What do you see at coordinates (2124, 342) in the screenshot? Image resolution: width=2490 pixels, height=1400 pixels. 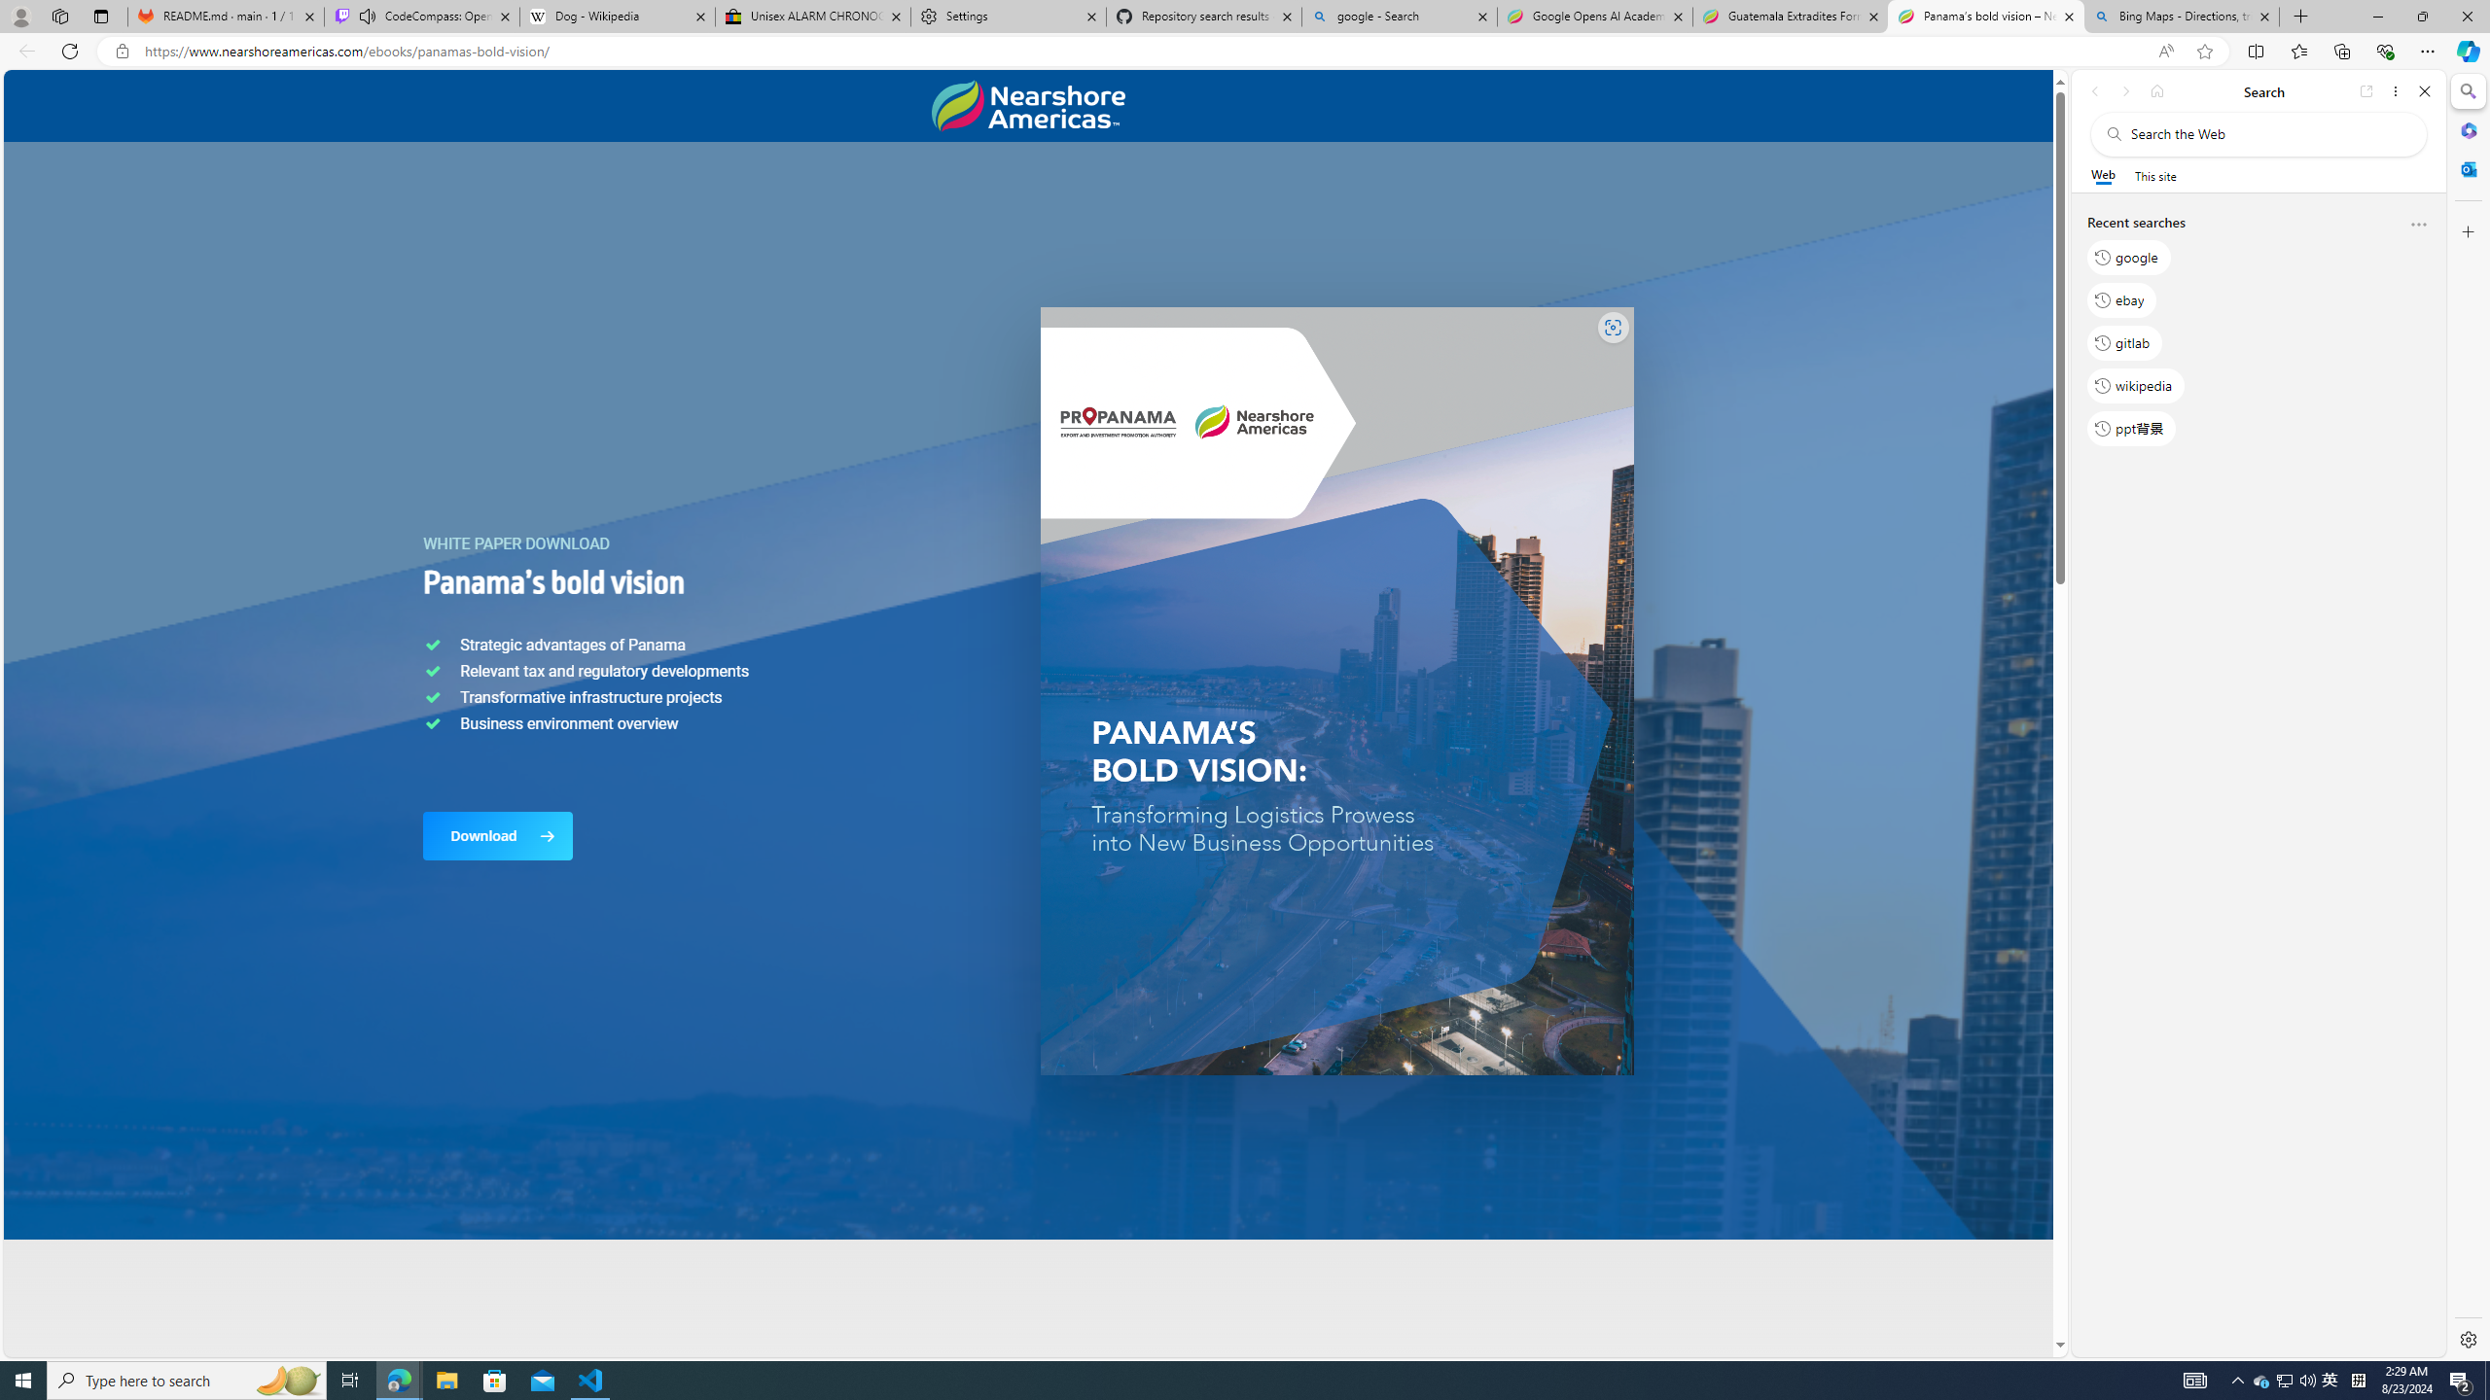 I see `'gitlab'` at bounding box center [2124, 342].